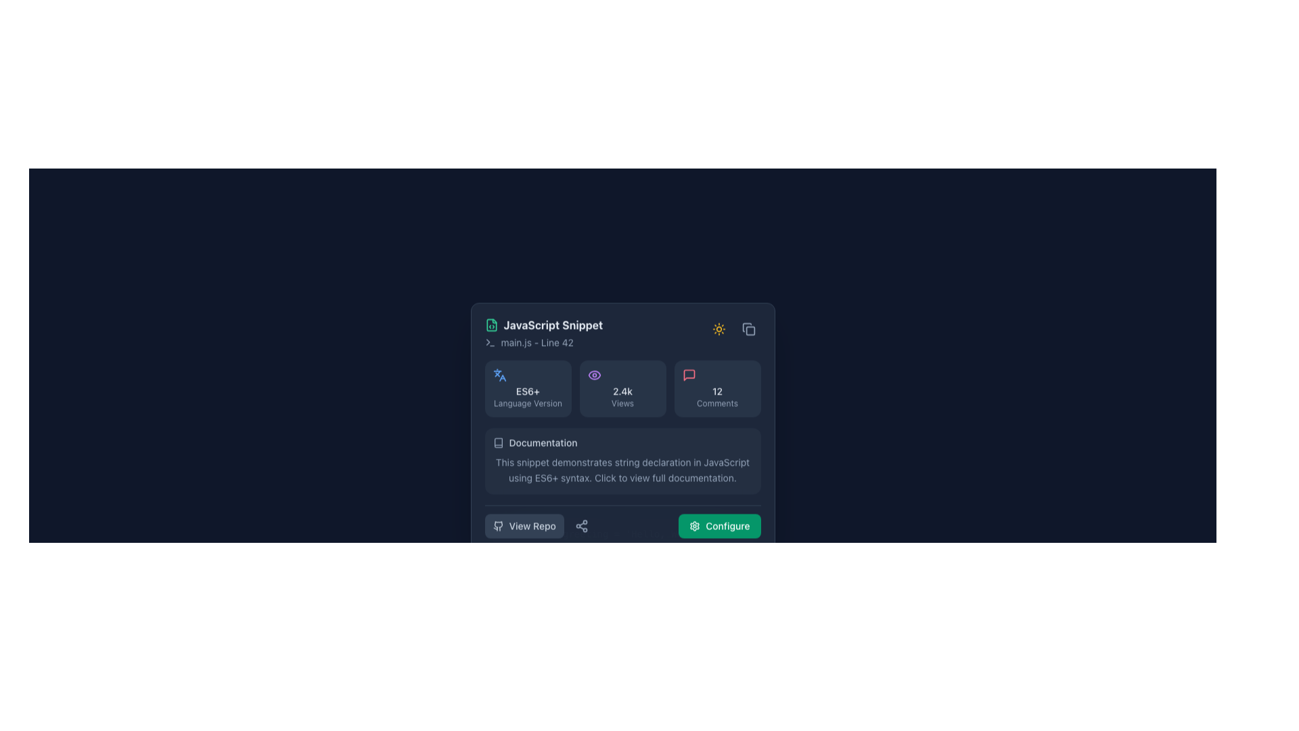 Image resolution: width=1299 pixels, height=731 pixels. Describe the element at coordinates (594, 375) in the screenshot. I see `the outer oval shape of the eye icon in the SVG graphic, which indicates visibility functionality` at that location.